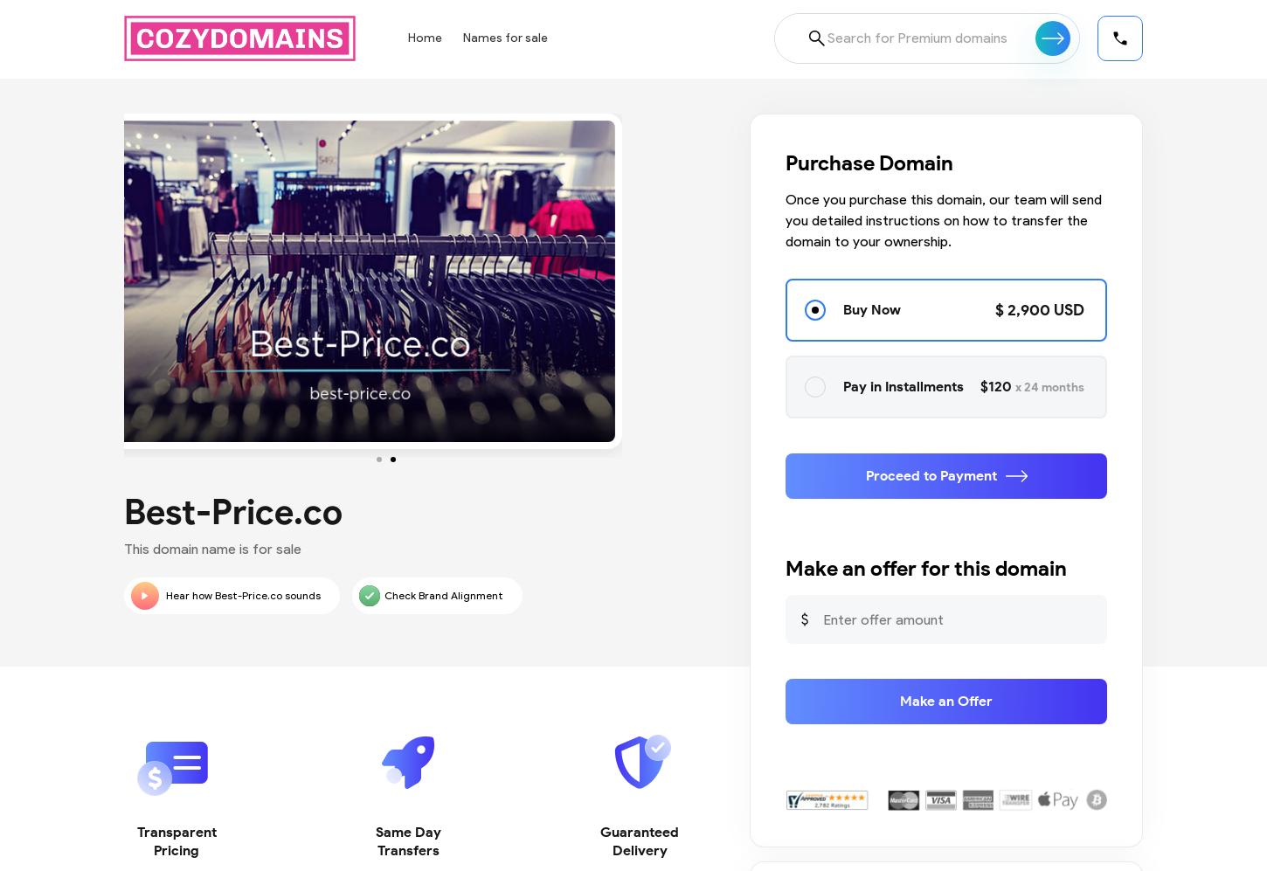 The width and height of the screenshot is (1267, 871). What do you see at coordinates (406, 667) in the screenshot?
I see `'We initiate most domain transfers within same business day of the purchase'` at bounding box center [406, 667].